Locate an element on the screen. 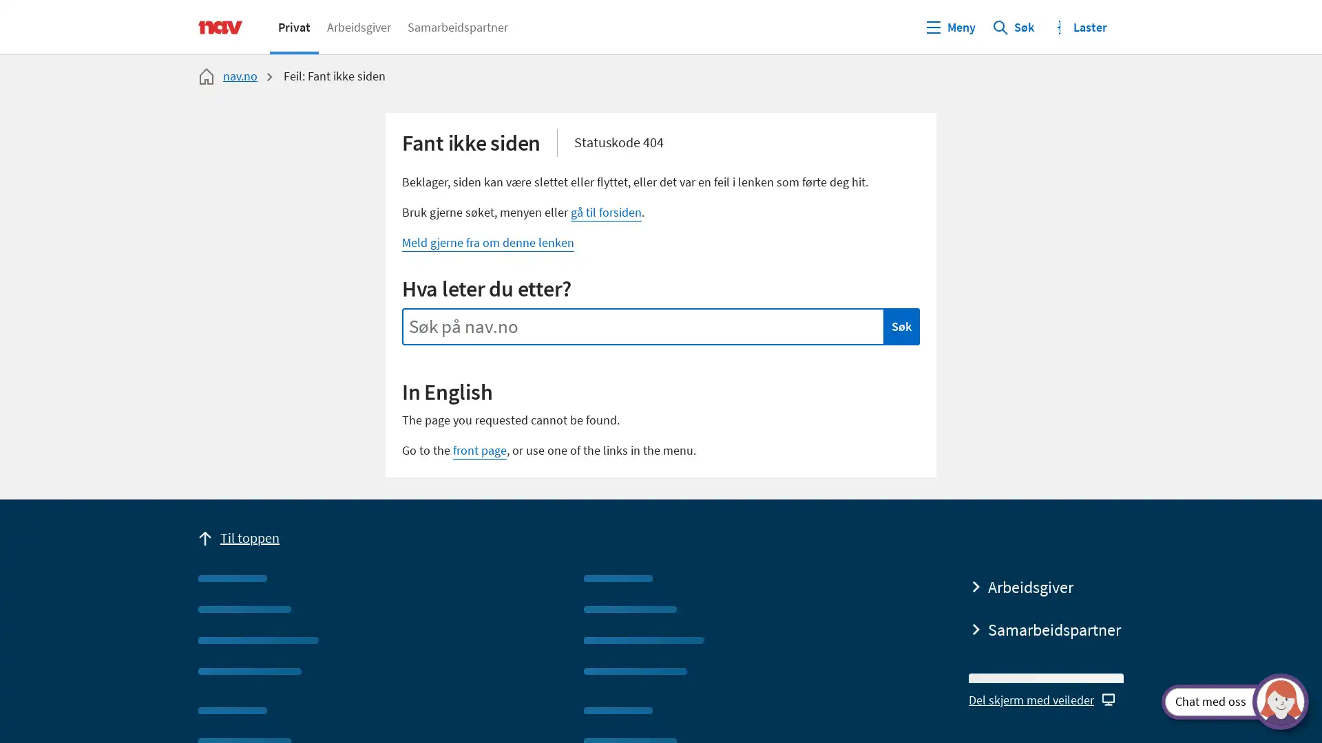 This screenshot has width=1322, height=743. Logg inn is located at coordinates (1083, 26).